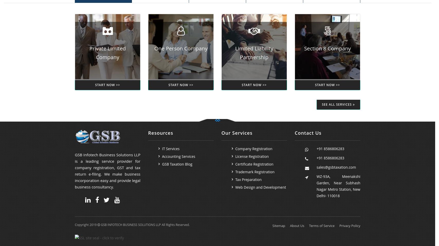 Image resolution: width=439 pixels, height=246 pixels. Describe the element at coordinates (160, 133) in the screenshot. I see `'Resources'` at that location.